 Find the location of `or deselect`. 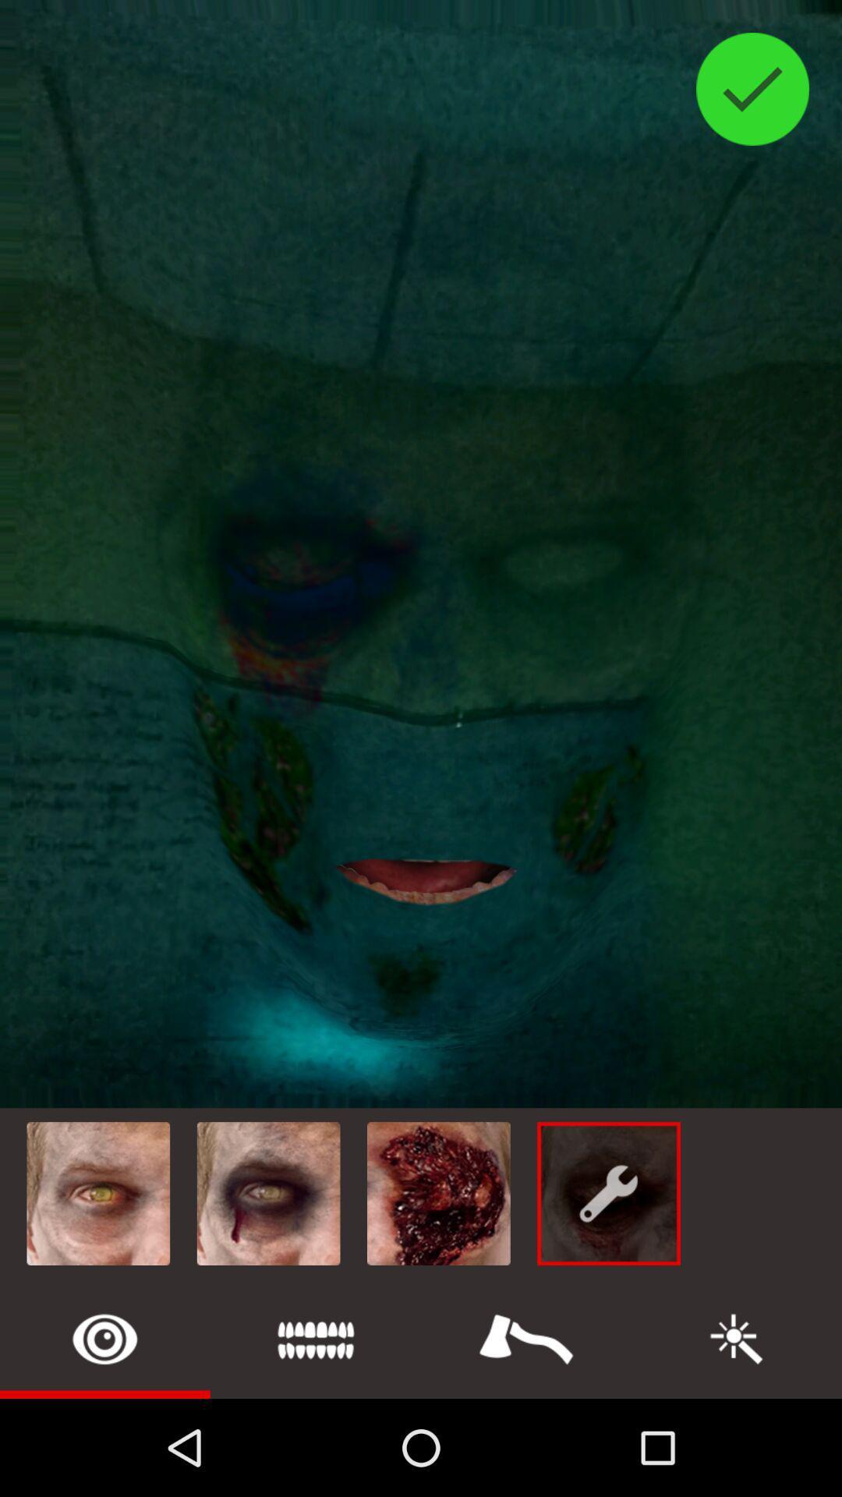

or deselect is located at coordinates (752, 88).